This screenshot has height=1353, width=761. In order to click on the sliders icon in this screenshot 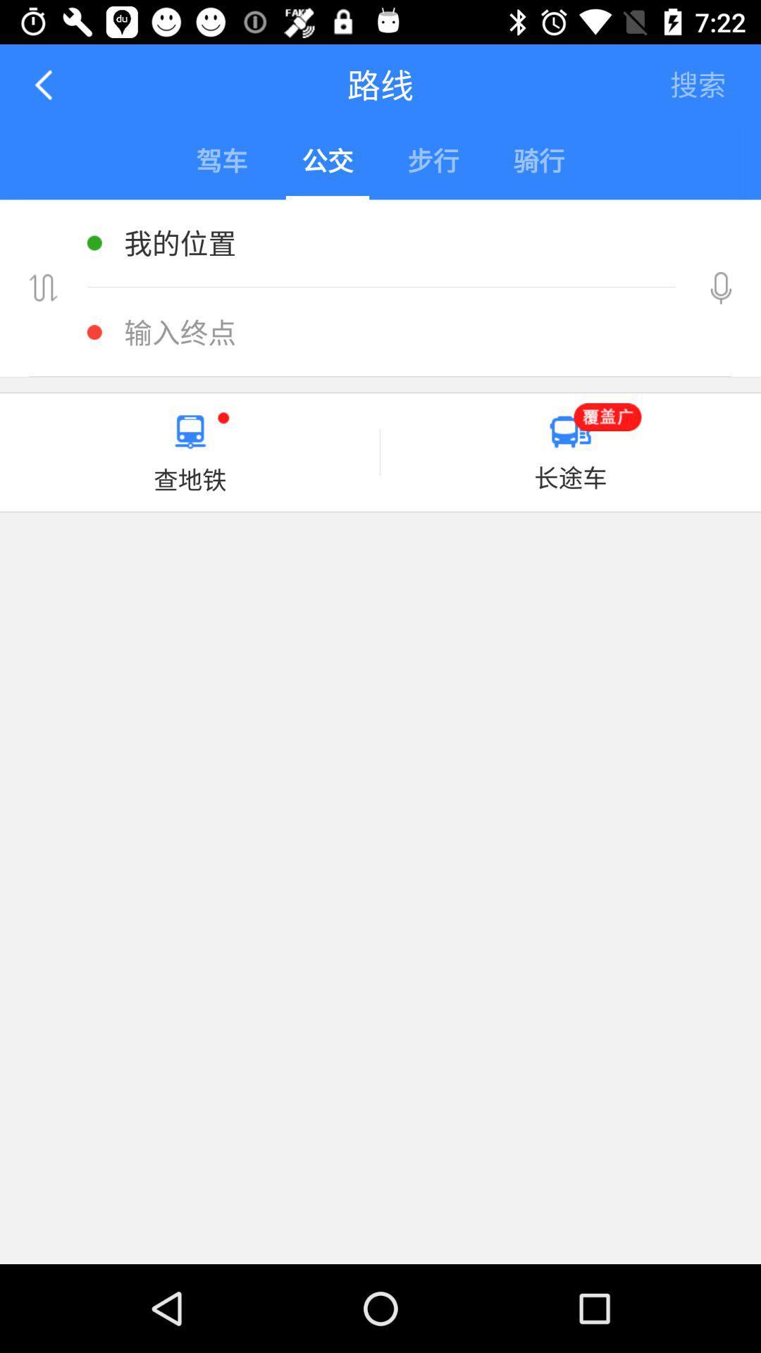, I will do `click(42, 288)`.